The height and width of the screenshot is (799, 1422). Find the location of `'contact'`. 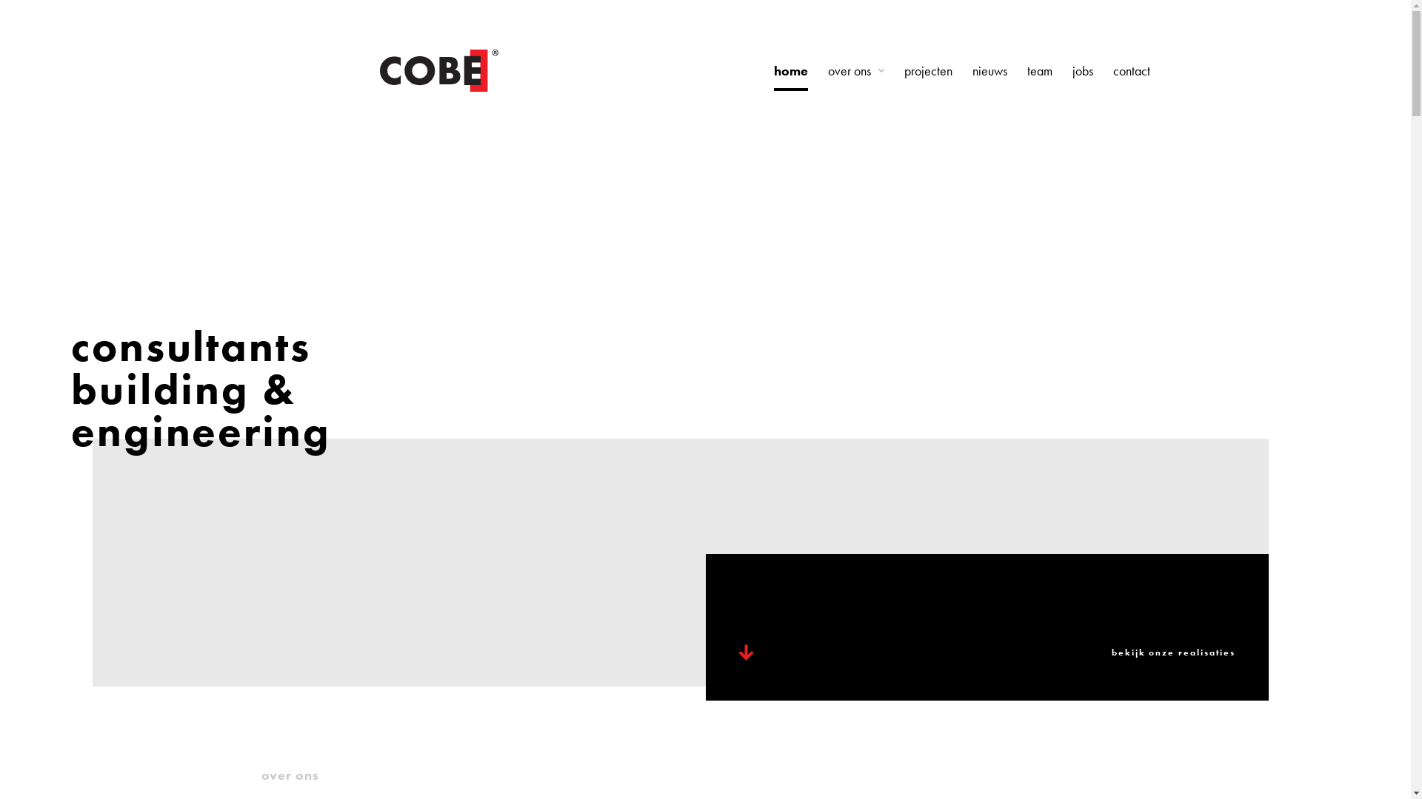

'contact' is located at coordinates (1129, 71).